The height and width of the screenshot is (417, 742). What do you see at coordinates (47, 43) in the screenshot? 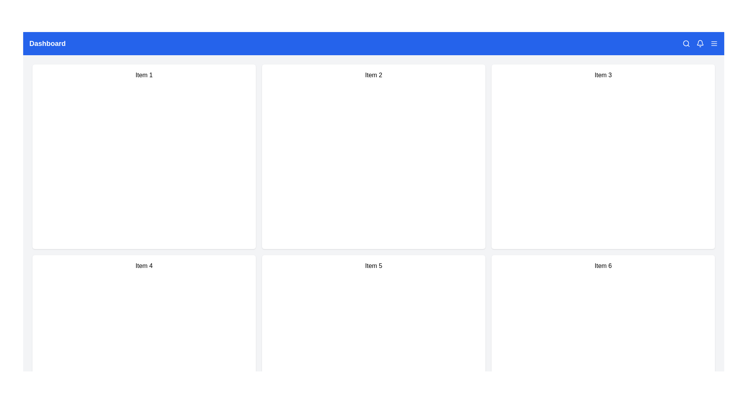
I see `the bold text label displaying 'Dashboard' in white against a blue background, located at the top-left corner of the page` at bounding box center [47, 43].